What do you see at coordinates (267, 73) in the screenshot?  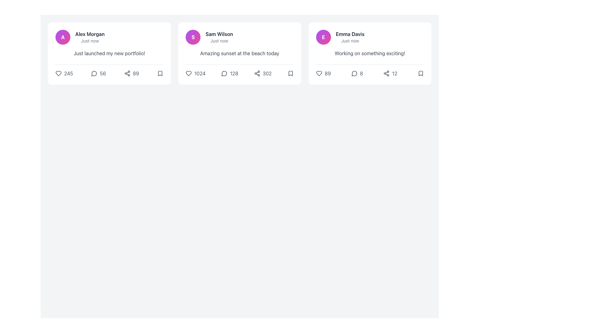 I see `number '302' from the text label displayed in light gray font, which is located adjacent to the share icon in the user interaction statistics of Sam Wilson's post` at bounding box center [267, 73].